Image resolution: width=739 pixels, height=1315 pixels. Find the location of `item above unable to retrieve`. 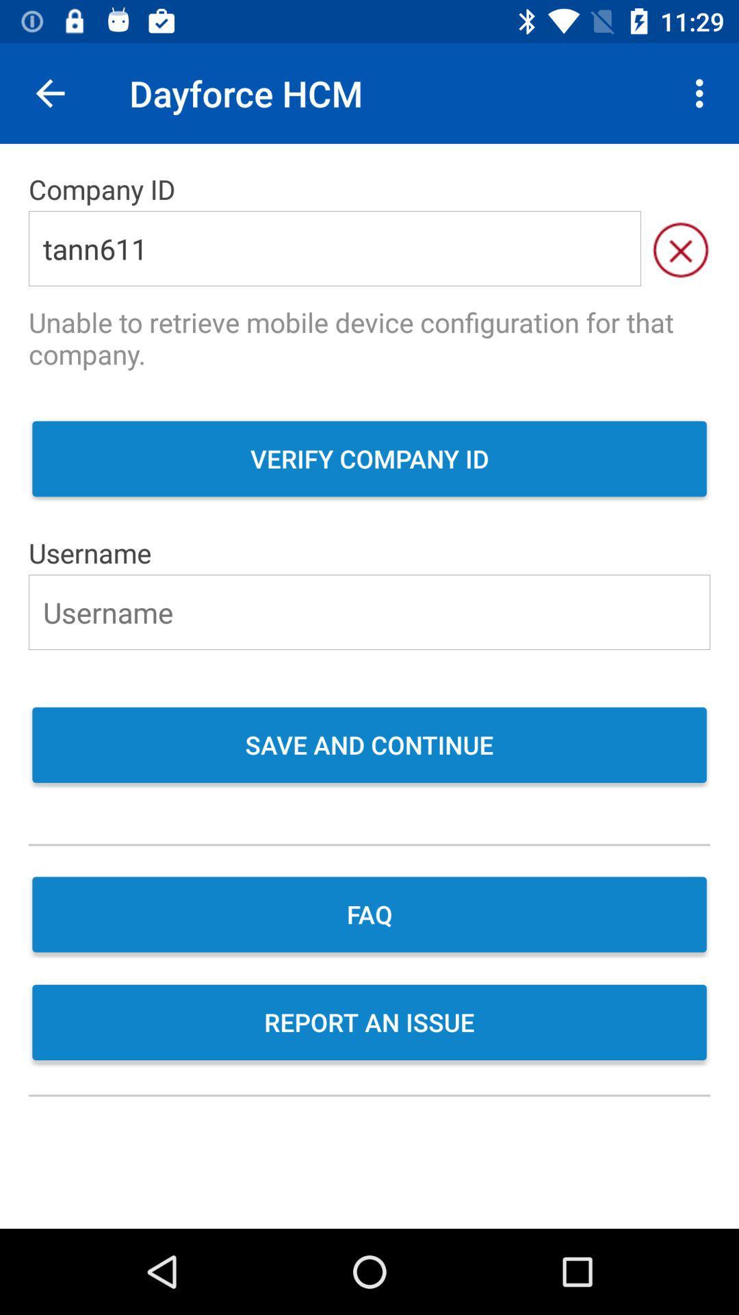

item above unable to retrieve is located at coordinates (680, 249).